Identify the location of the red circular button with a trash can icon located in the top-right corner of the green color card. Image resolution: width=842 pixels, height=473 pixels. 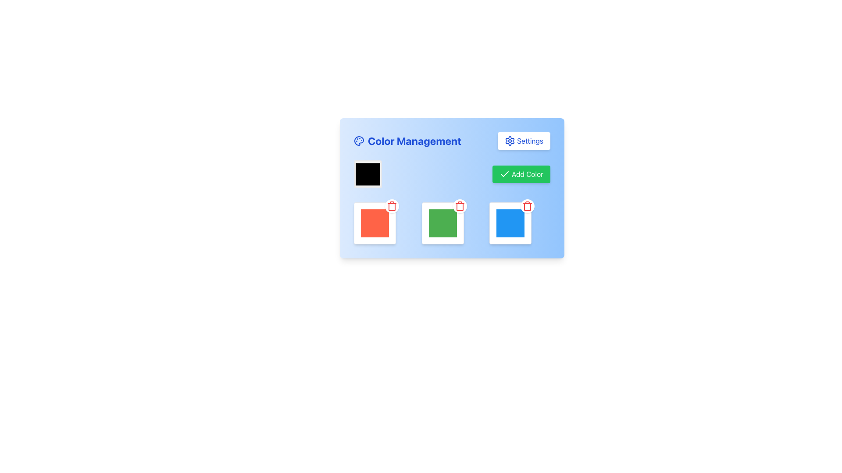
(459, 206).